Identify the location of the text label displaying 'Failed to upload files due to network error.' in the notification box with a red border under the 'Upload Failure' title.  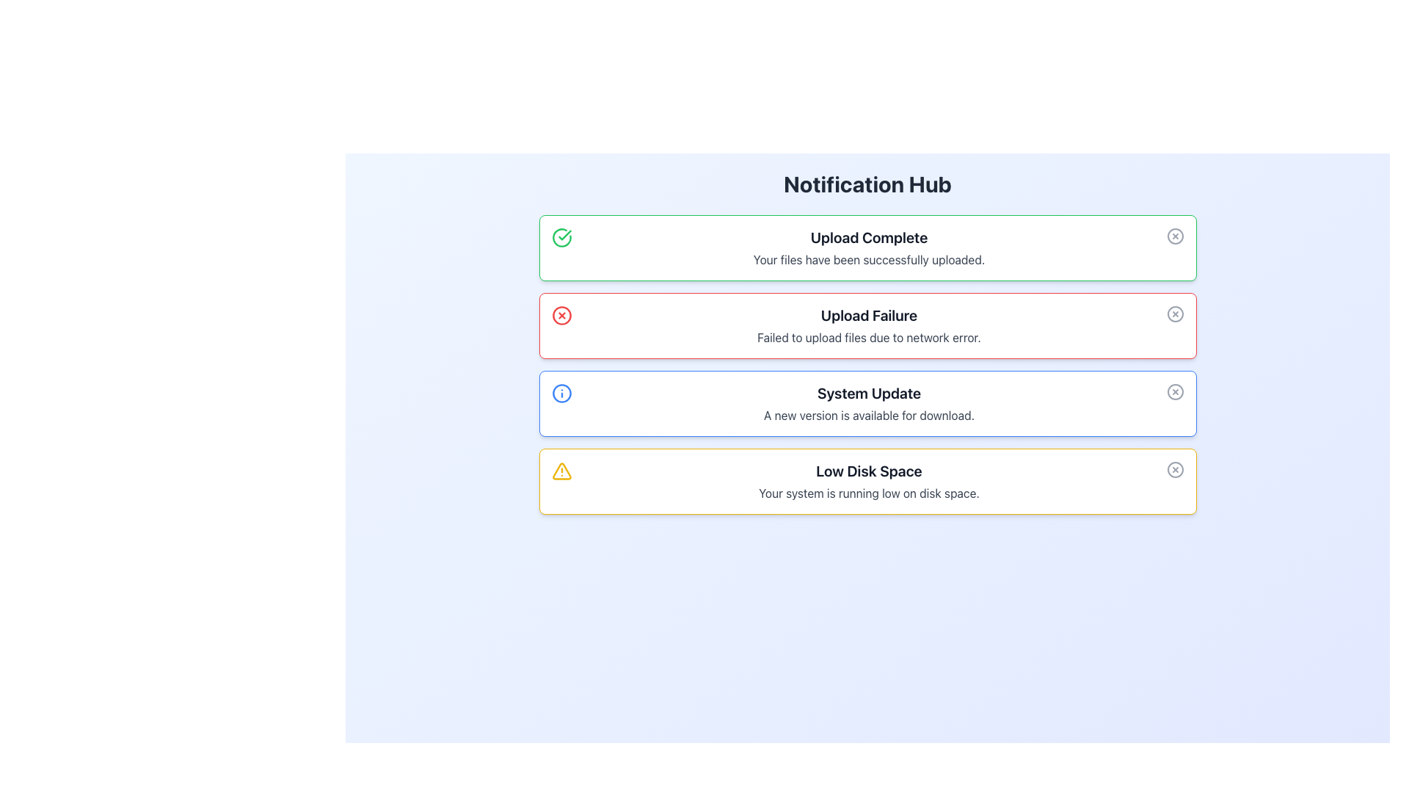
(869, 337).